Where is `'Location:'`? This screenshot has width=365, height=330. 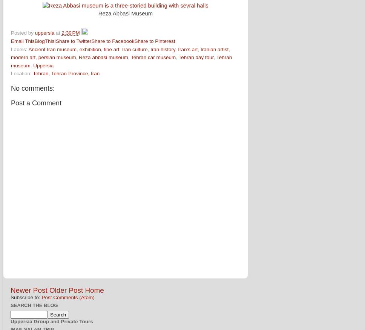
'Location:' is located at coordinates (21, 73).